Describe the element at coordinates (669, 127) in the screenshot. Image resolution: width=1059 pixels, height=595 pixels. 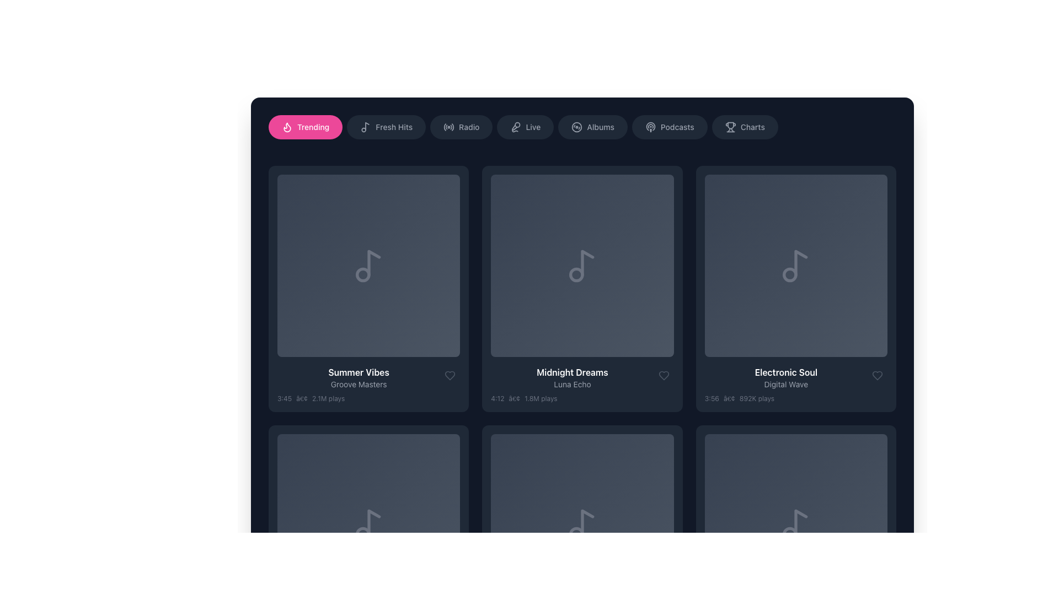
I see `the sixth button in the navigation bar` at that location.